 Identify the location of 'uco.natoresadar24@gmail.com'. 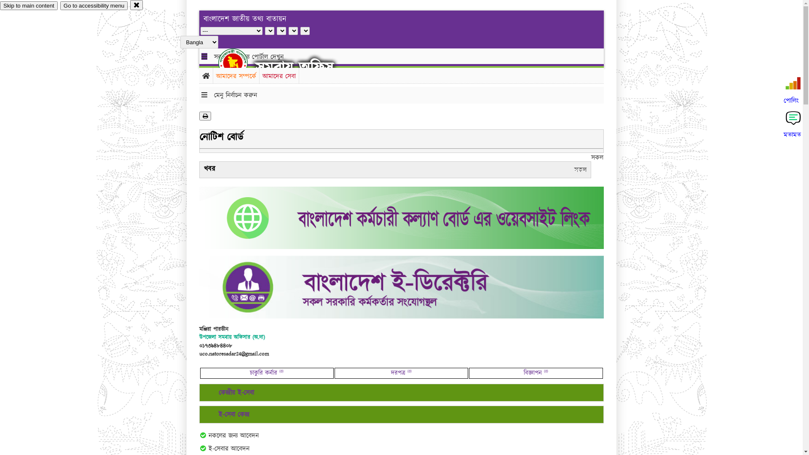
(233, 354).